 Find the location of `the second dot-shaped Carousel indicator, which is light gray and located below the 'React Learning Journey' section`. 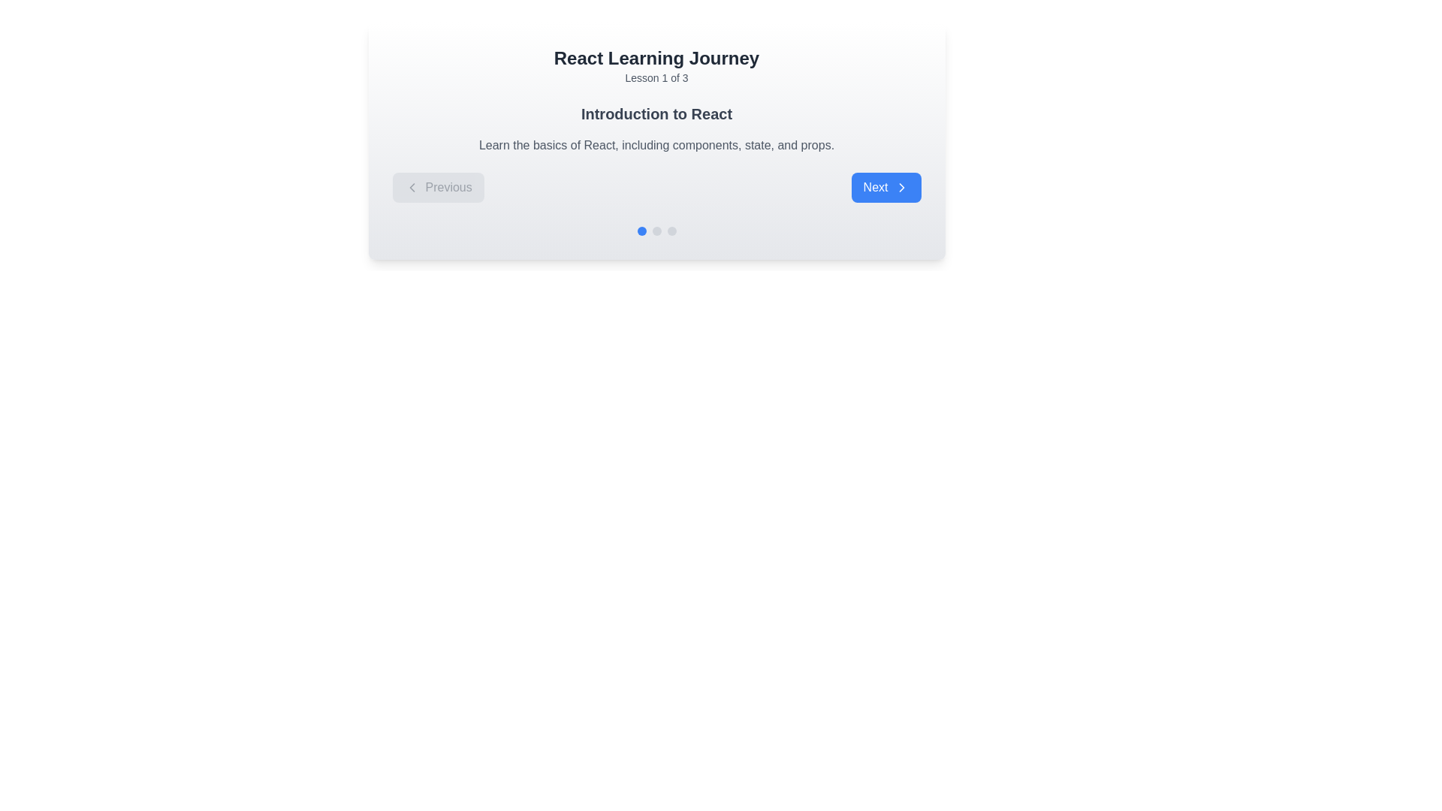

the second dot-shaped Carousel indicator, which is light gray and located below the 'React Learning Journey' section is located at coordinates (656, 231).